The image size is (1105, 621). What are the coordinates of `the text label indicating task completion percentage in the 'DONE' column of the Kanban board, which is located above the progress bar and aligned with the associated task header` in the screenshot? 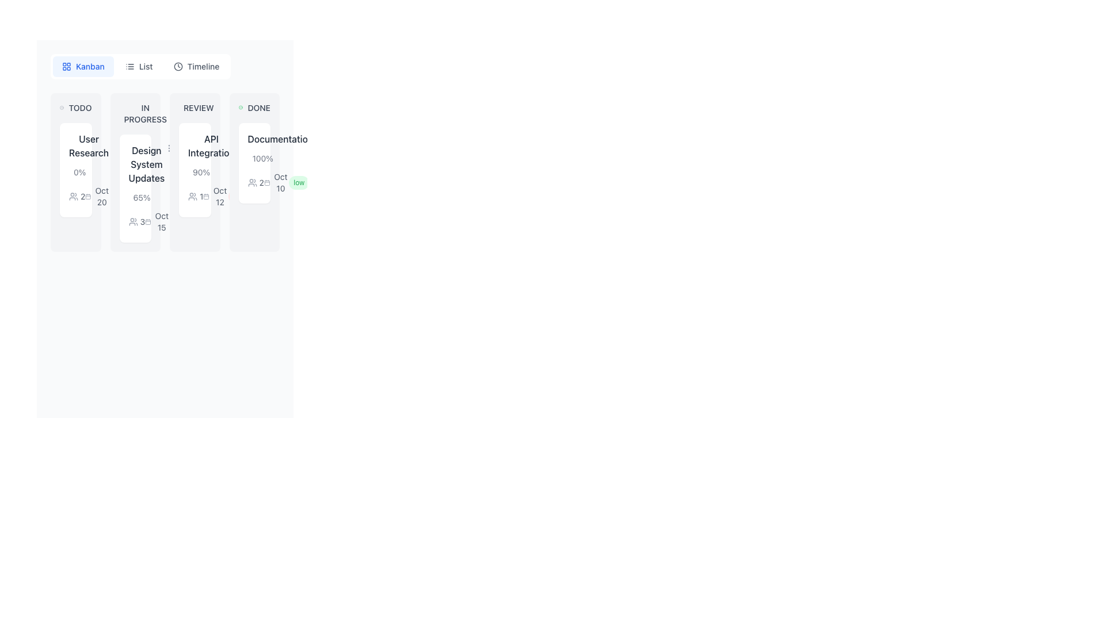 It's located at (262, 159).